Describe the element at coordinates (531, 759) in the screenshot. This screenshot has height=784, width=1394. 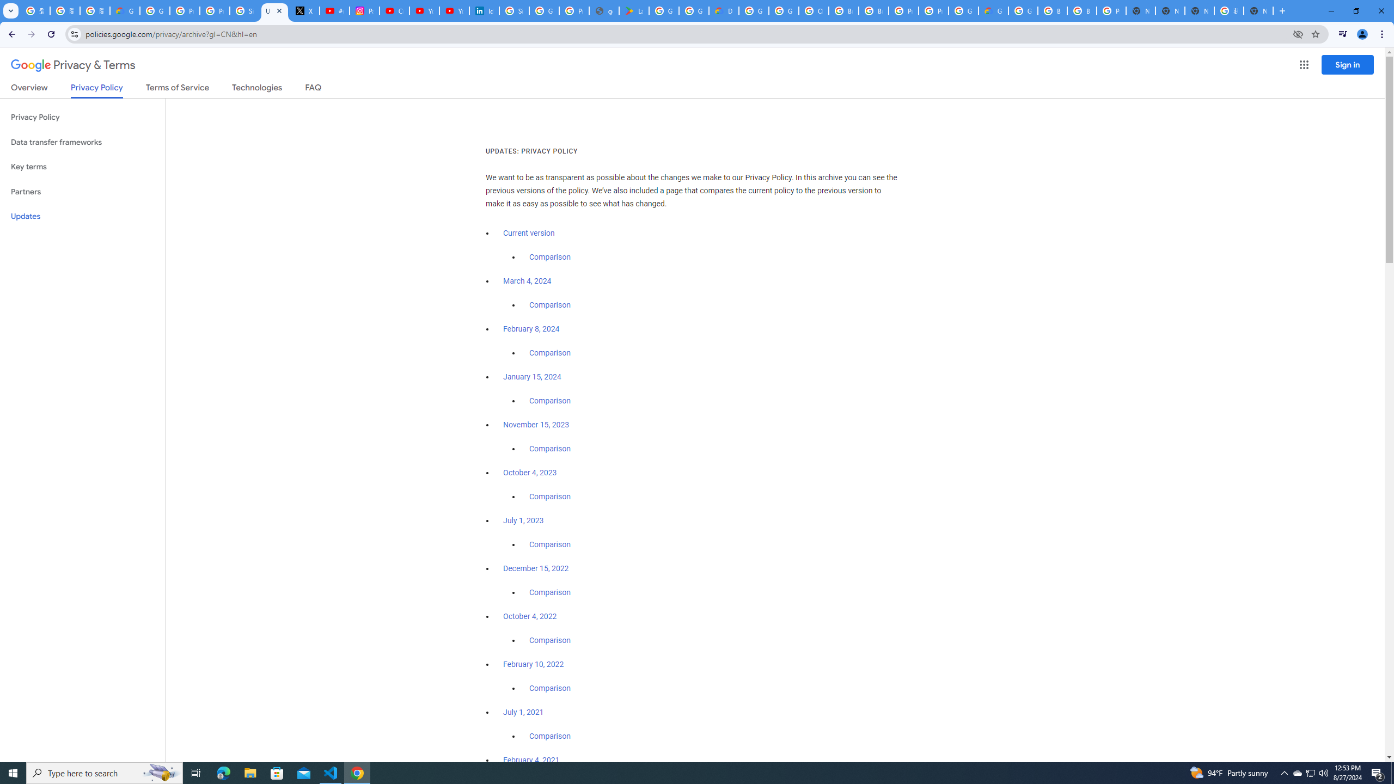
I see `'February 4, 2021'` at that location.